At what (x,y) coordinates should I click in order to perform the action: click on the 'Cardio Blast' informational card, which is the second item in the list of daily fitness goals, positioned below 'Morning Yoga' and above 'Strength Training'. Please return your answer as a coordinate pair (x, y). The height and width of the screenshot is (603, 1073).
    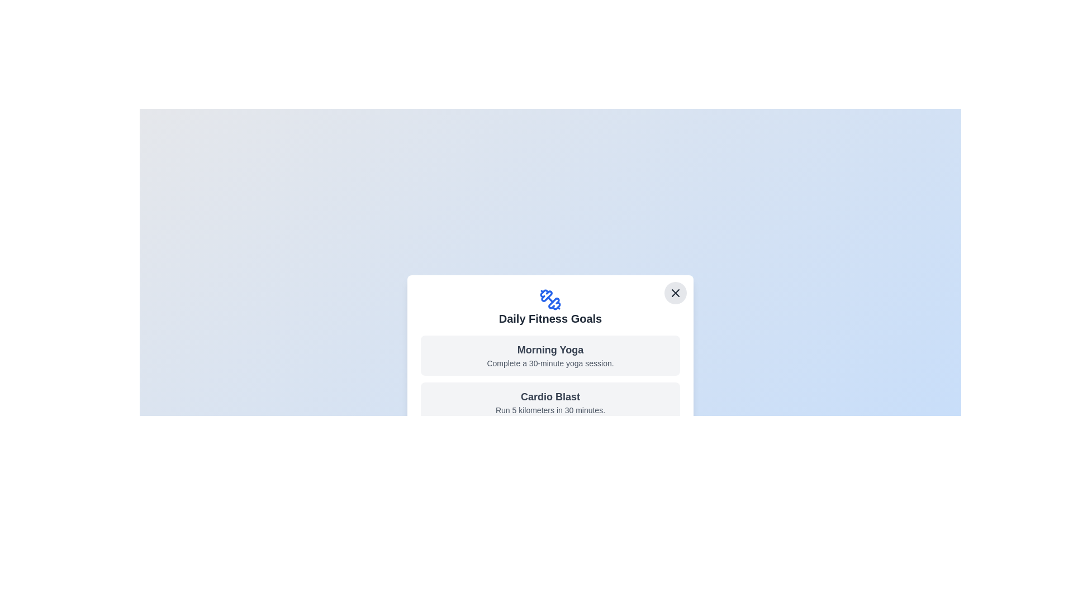
    Looking at the image, I should click on (550, 403).